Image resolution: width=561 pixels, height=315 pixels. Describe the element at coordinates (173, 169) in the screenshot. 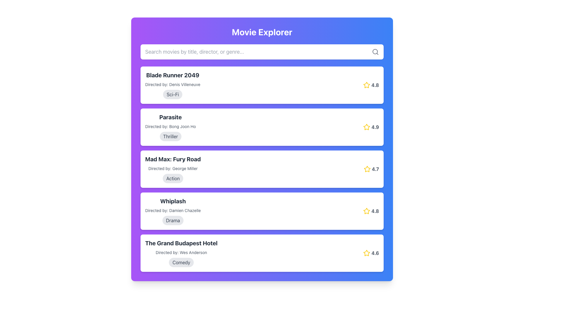

I see `the text block titled 'Mad Max: Fury Road', which includes a subtitle 'Directed by: George Miller' and a tag labeled 'Action'` at that location.